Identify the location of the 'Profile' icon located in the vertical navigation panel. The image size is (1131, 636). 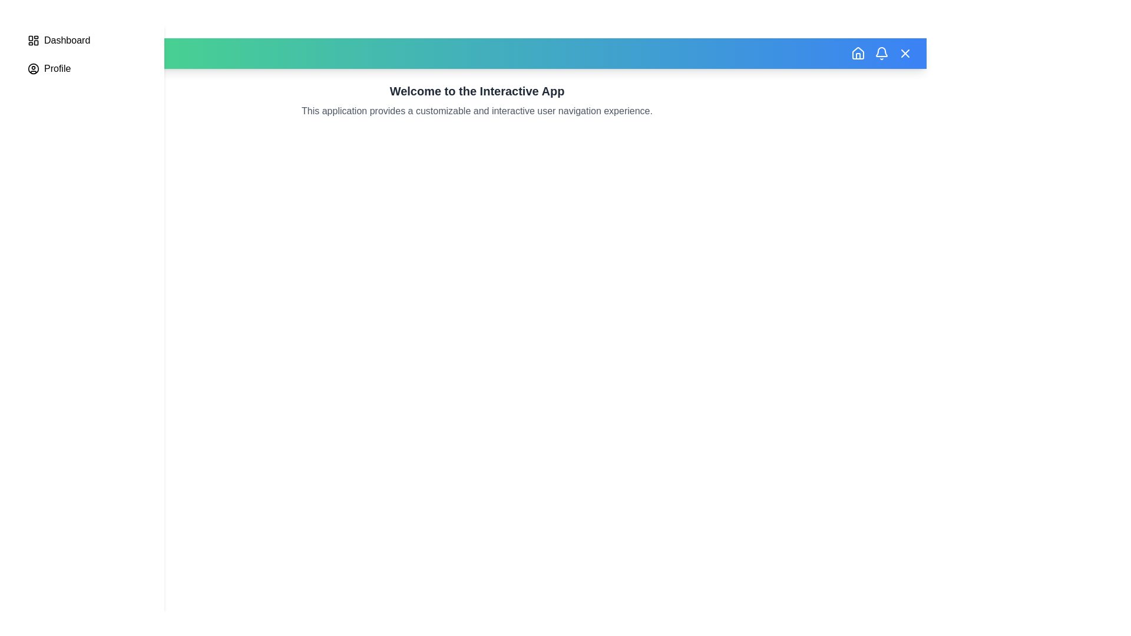
(34, 68).